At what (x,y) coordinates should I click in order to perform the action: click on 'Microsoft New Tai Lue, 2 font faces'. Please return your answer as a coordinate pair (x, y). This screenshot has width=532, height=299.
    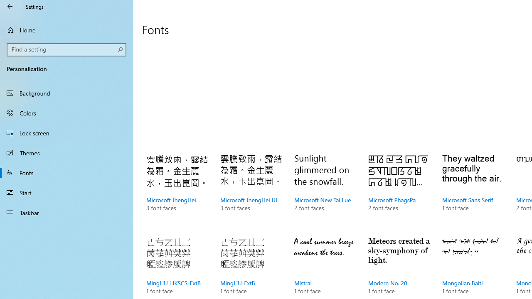
    Looking at the image, I should click on (325, 191).